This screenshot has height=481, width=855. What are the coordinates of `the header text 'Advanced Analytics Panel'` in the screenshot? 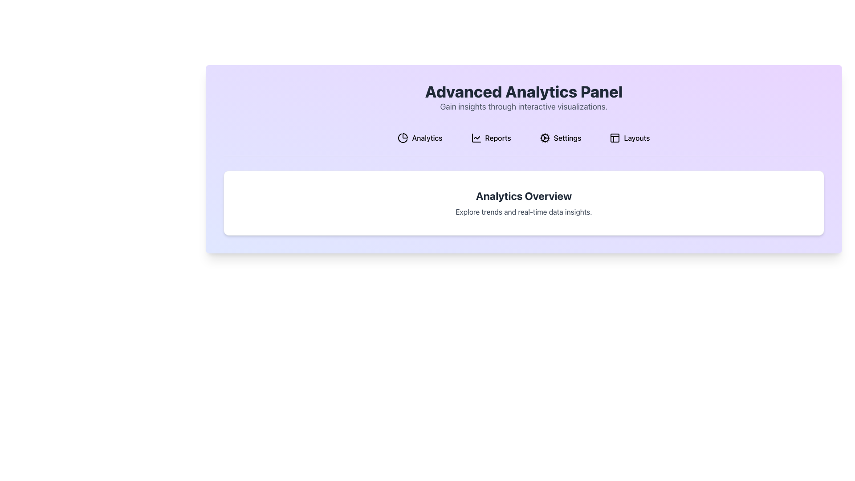 It's located at (524, 91).